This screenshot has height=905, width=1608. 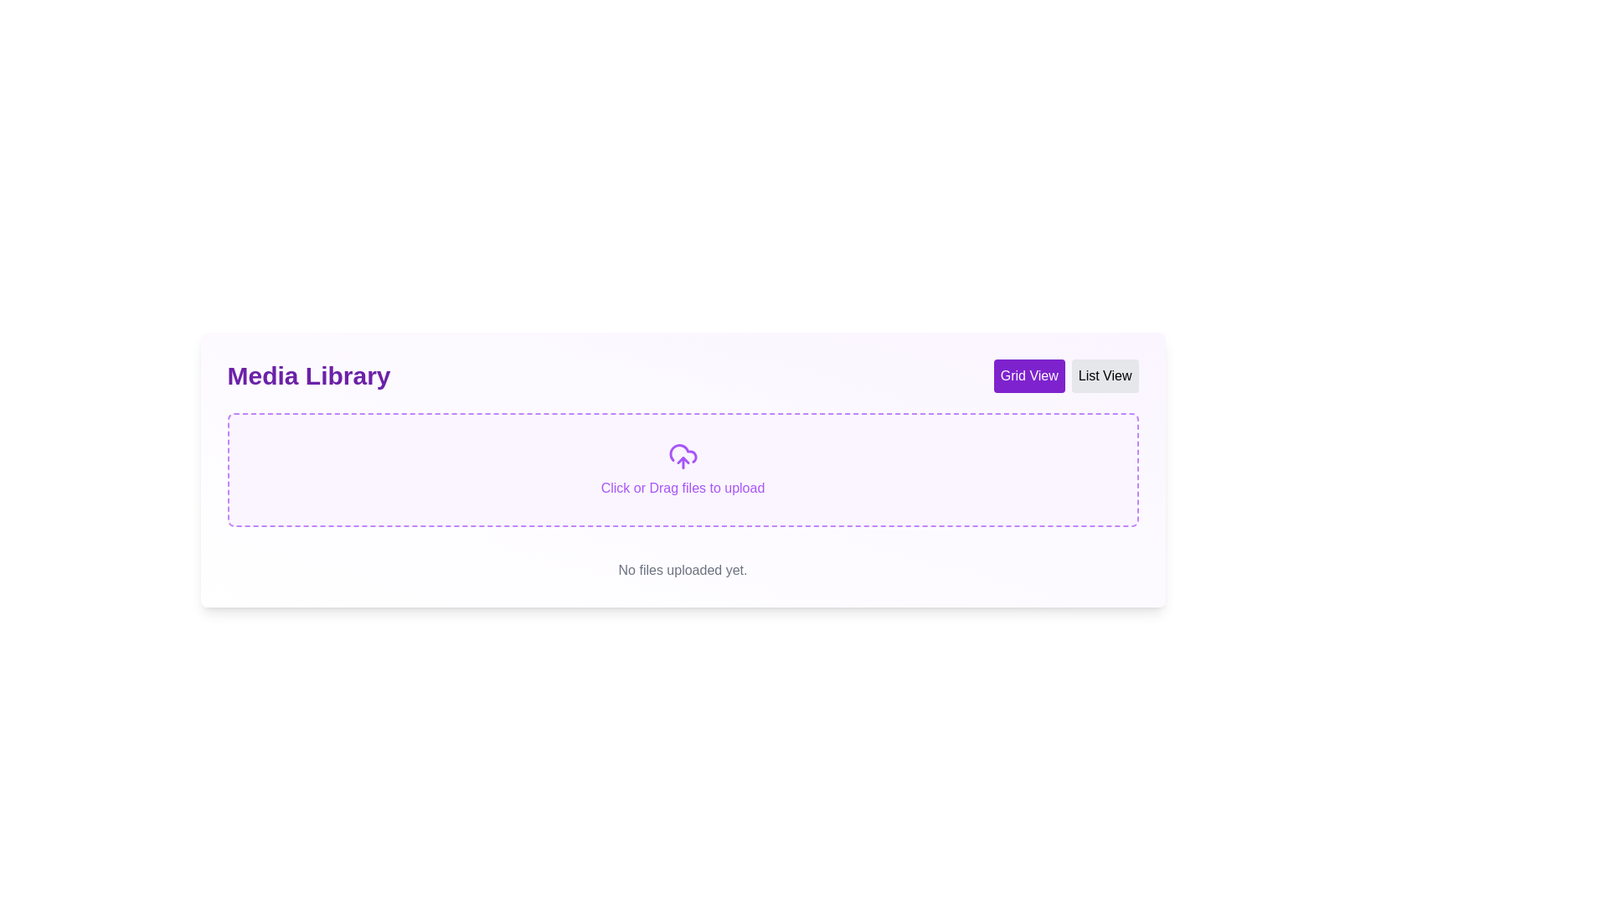 I want to click on the 'Grid View' button in the Toggle button group located at the top-right corner of the main content area to switch to grid layout, so click(x=1065, y=375).